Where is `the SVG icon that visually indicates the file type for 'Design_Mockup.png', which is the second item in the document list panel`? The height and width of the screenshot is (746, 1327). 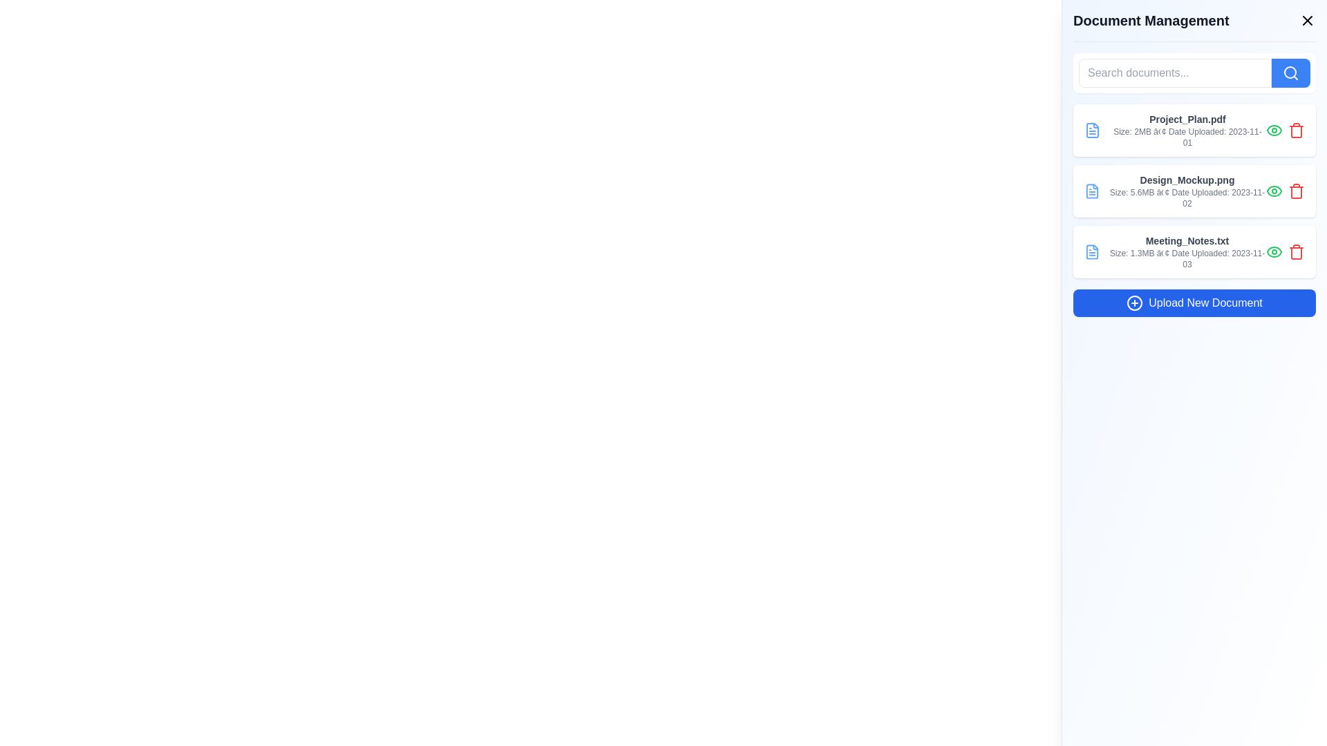
the SVG icon that visually indicates the file type for 'Design_Mockup.png', which is the second item in the document list panel is located at coordinates (1091, 191).